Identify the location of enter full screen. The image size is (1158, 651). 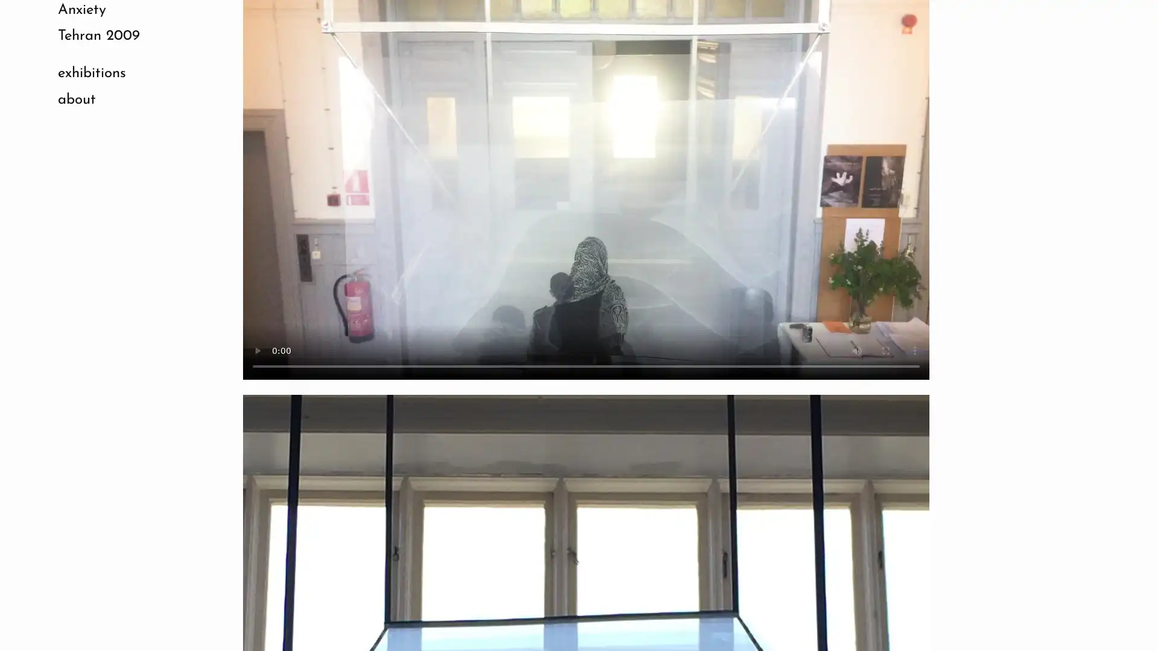
(885, 351).